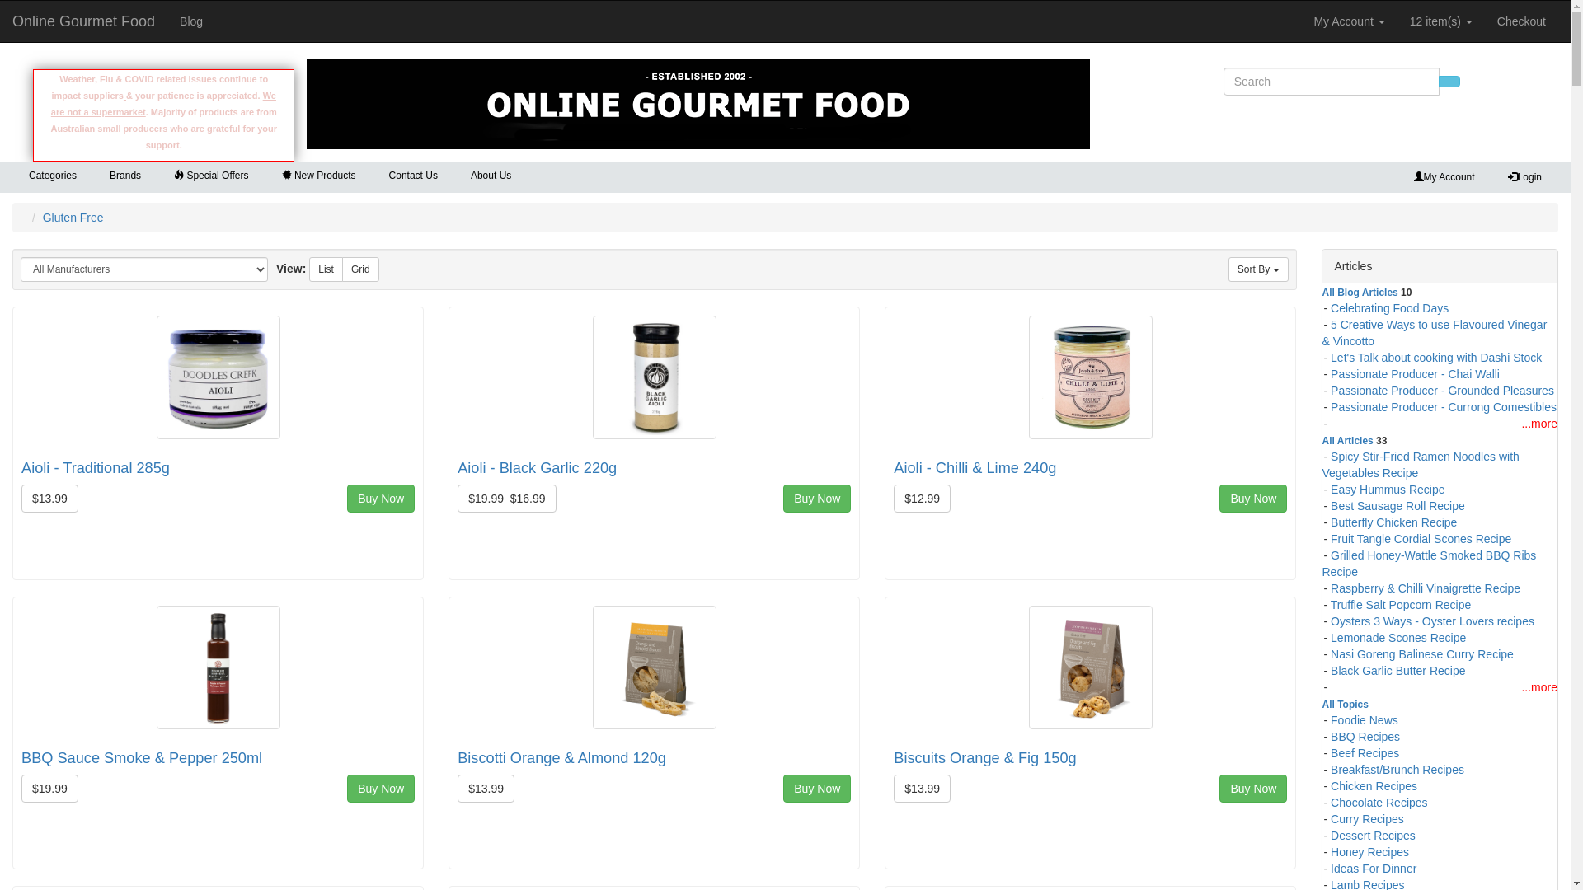  What do you see at coordinates (1367, 817) in the screenshot?
I see `'Curry Recipes'` at bounding box center [1367, 817].